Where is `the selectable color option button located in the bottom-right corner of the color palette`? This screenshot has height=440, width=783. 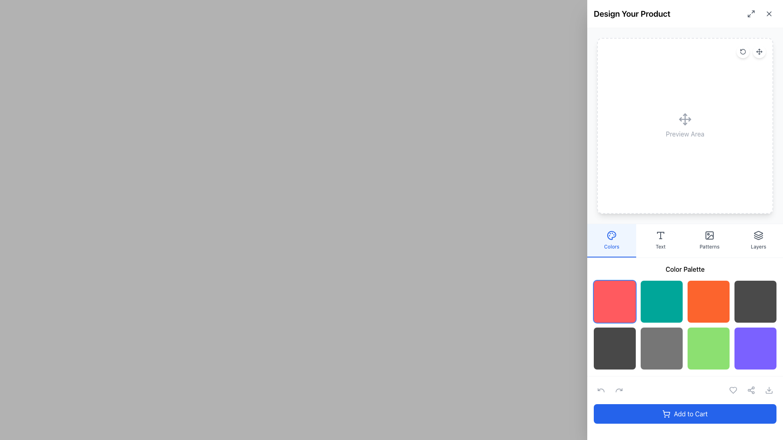
the selectable color option button located in the bottom-right corner of the color palette is located at coordinates (755, 348).